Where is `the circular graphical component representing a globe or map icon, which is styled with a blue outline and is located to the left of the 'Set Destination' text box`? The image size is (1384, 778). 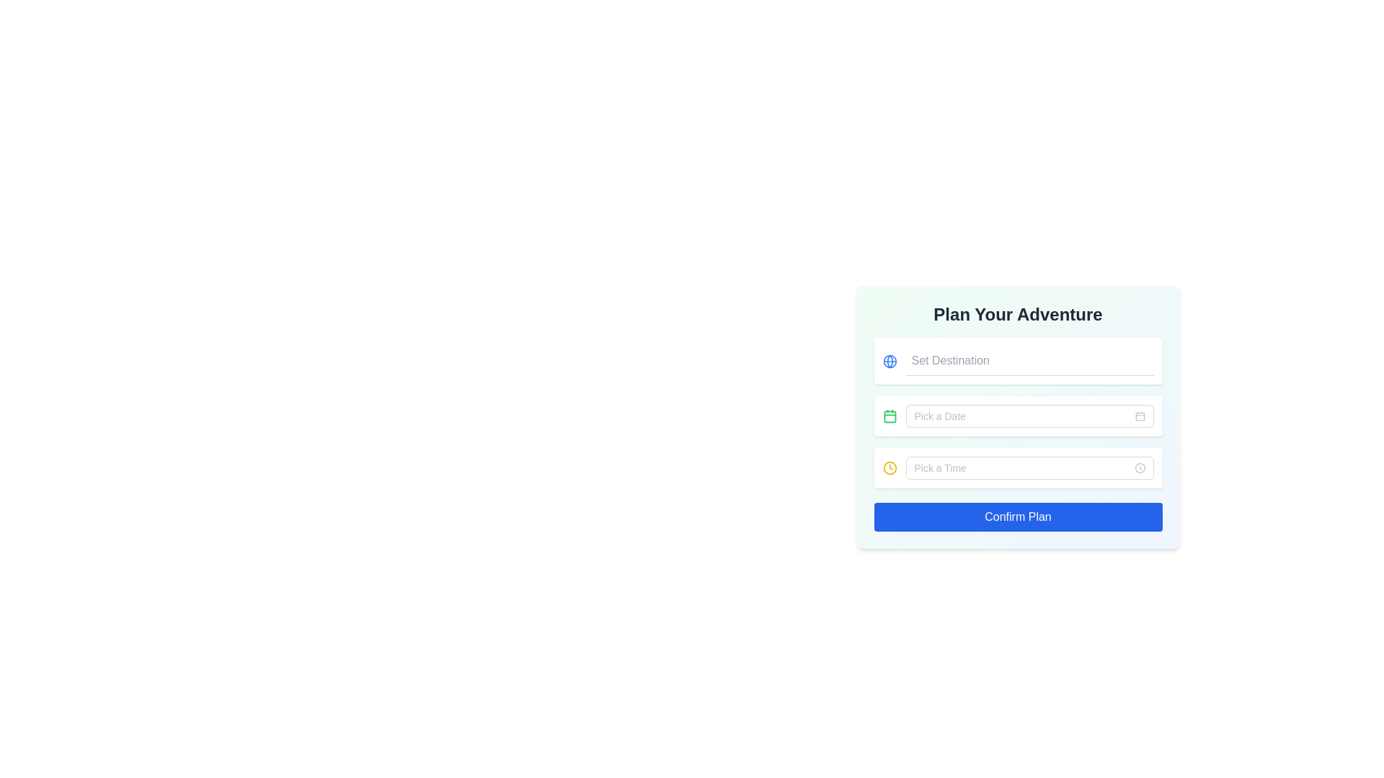 the circular graphical component representing a globe or map icon, which is styled with a blue outline and is located to the left of the 'Set Destination' text box is located at coordinates (889, 360).